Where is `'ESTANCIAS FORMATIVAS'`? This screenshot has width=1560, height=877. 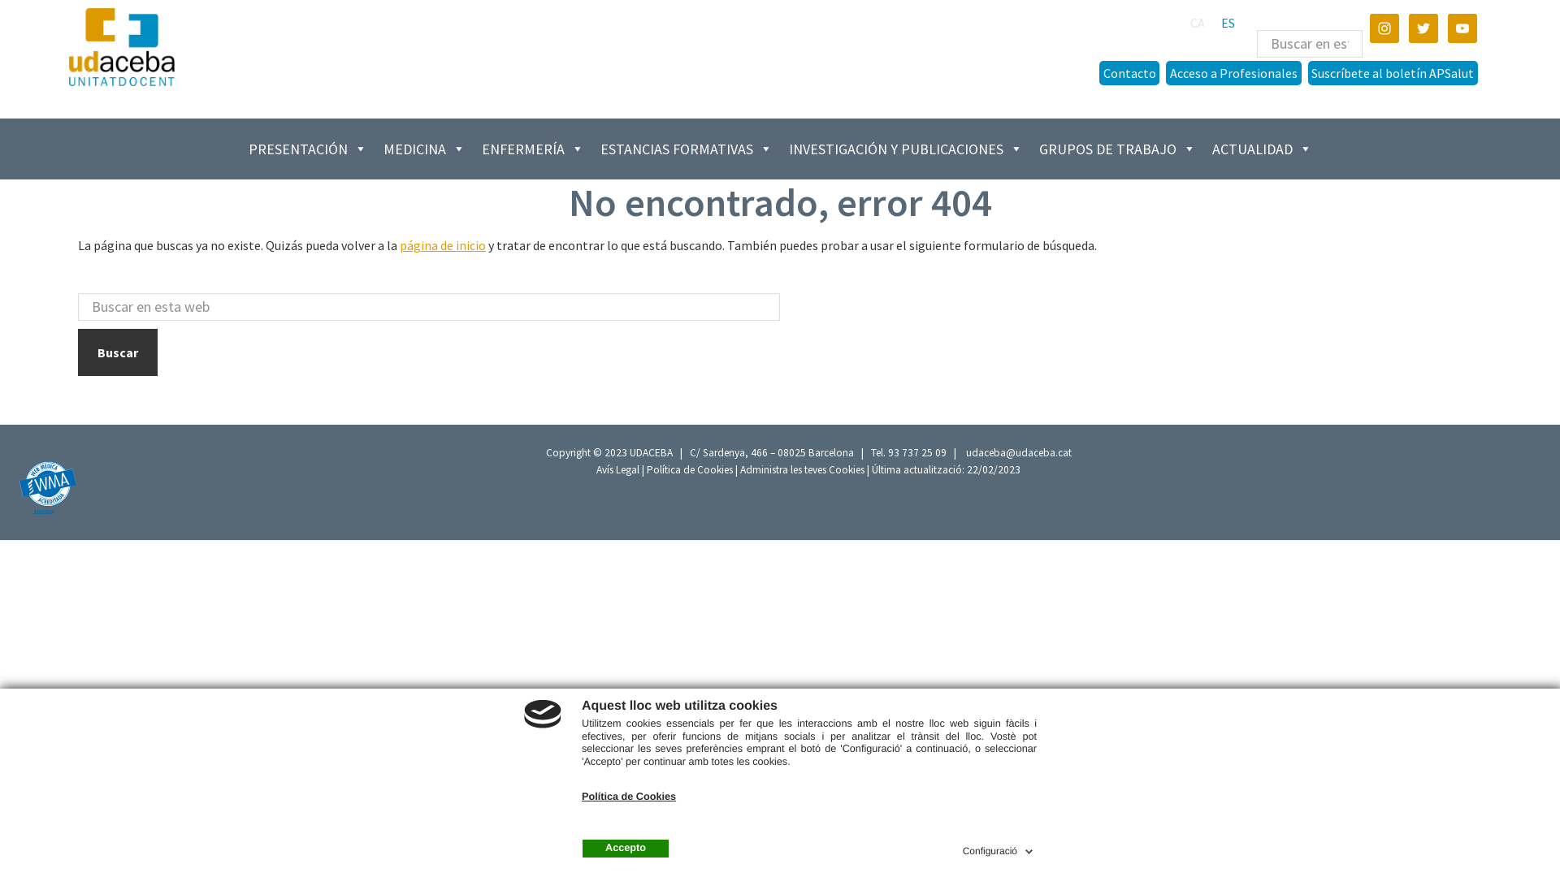 'ESTANCIAS FORMATIVAS' is located at coordinates (686, 149).